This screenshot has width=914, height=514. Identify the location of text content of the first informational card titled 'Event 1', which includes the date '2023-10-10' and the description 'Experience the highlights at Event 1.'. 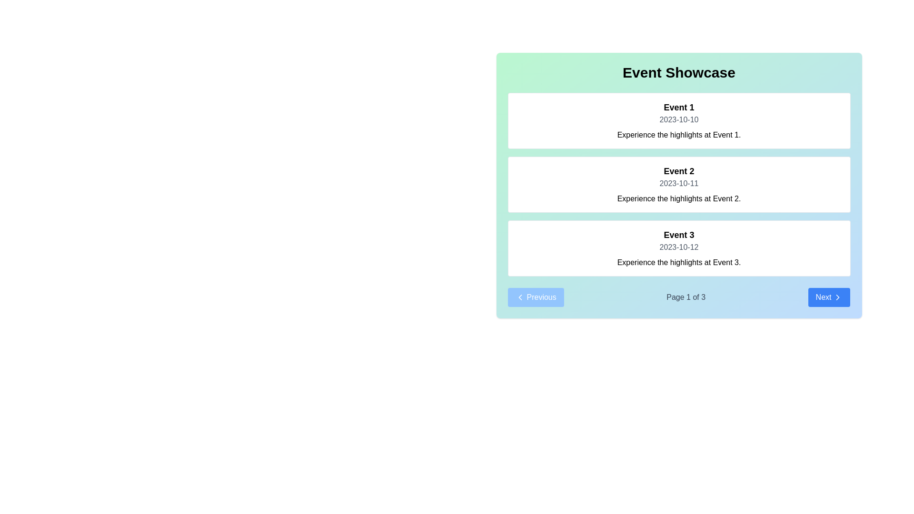
(678, 120).